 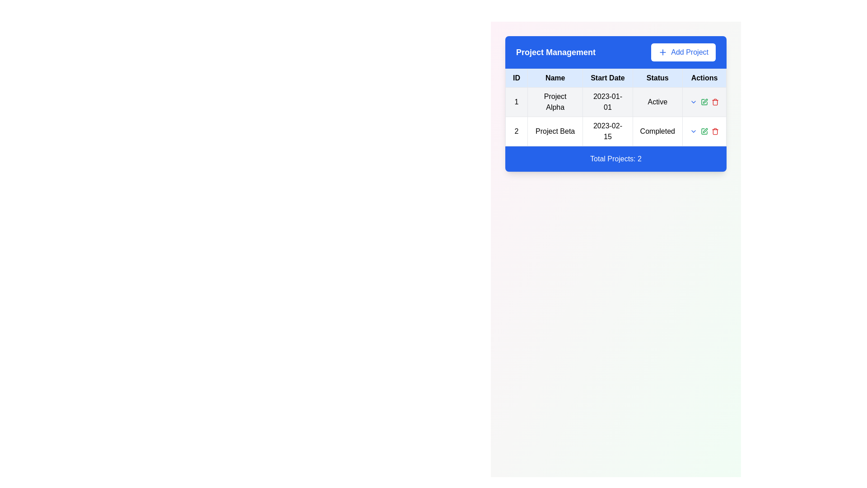 I want to click on text 'Status' from the fourth column header of the table which labels the 'Status' column, so click(x=657, y=78).